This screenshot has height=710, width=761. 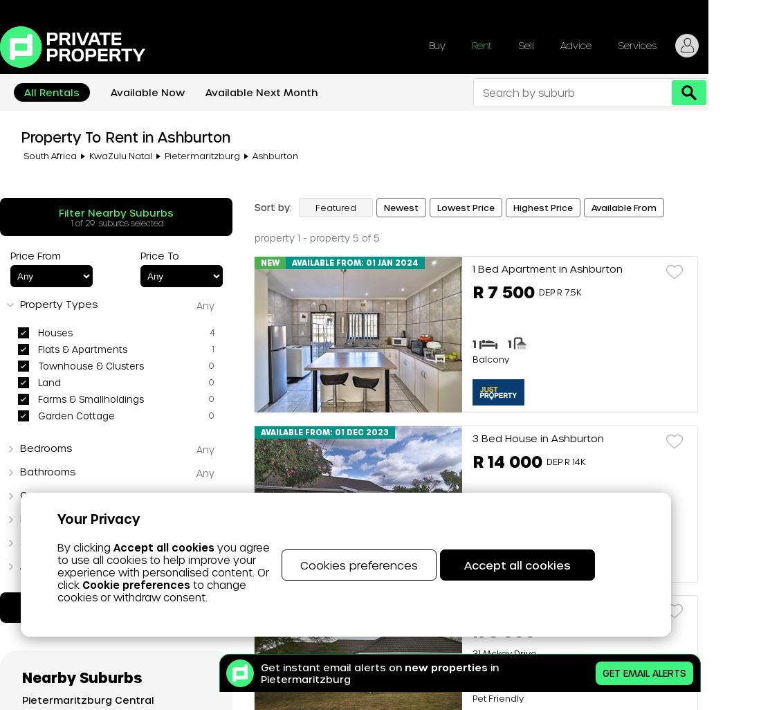 I want to click on 'Ashburton', so click(x=275, y=156).